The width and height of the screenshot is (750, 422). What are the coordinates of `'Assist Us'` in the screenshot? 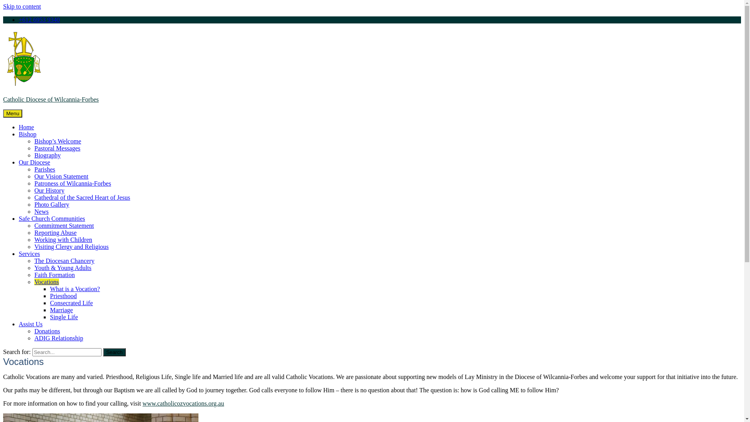 It's located at (30, 324).